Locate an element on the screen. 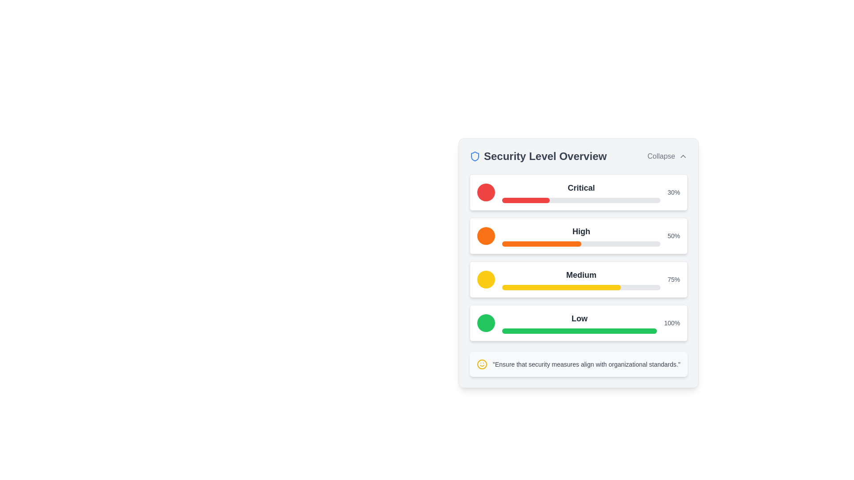 Image resolution: width=854 pixels, height=480 pixels. the '100%' text label in the 'Low' security level row of the 'Security Level Overview' section for additional information is located at coordinates (672, 323).